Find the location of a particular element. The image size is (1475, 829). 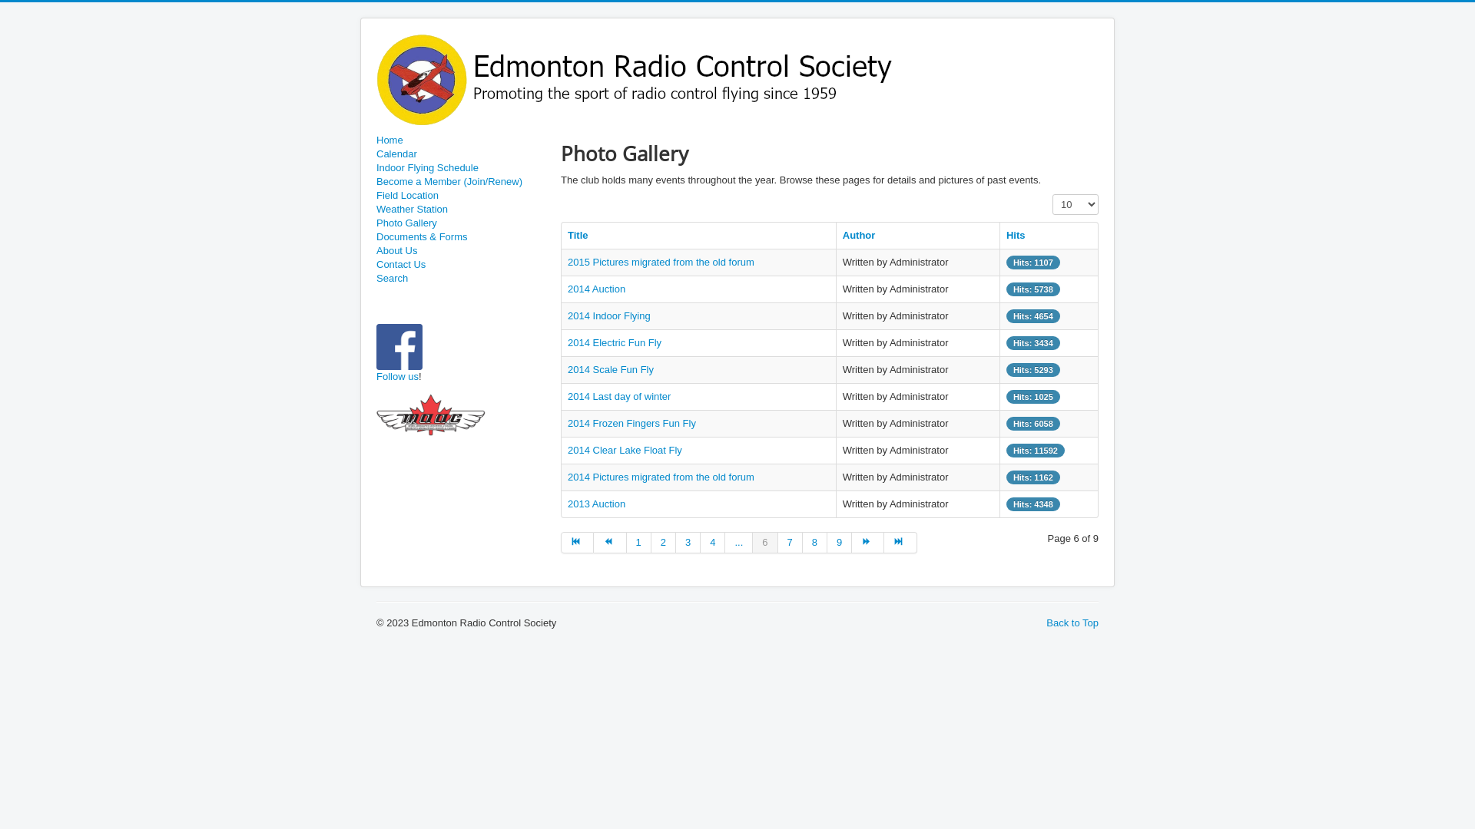

'Follow us' is located at coordinates (376, 376).